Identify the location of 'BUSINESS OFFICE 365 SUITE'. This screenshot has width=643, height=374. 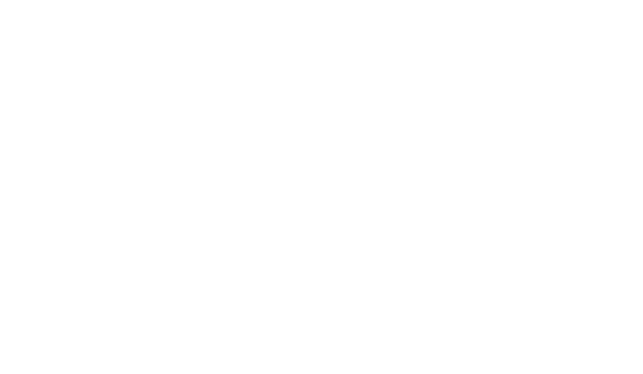
(321, 108).